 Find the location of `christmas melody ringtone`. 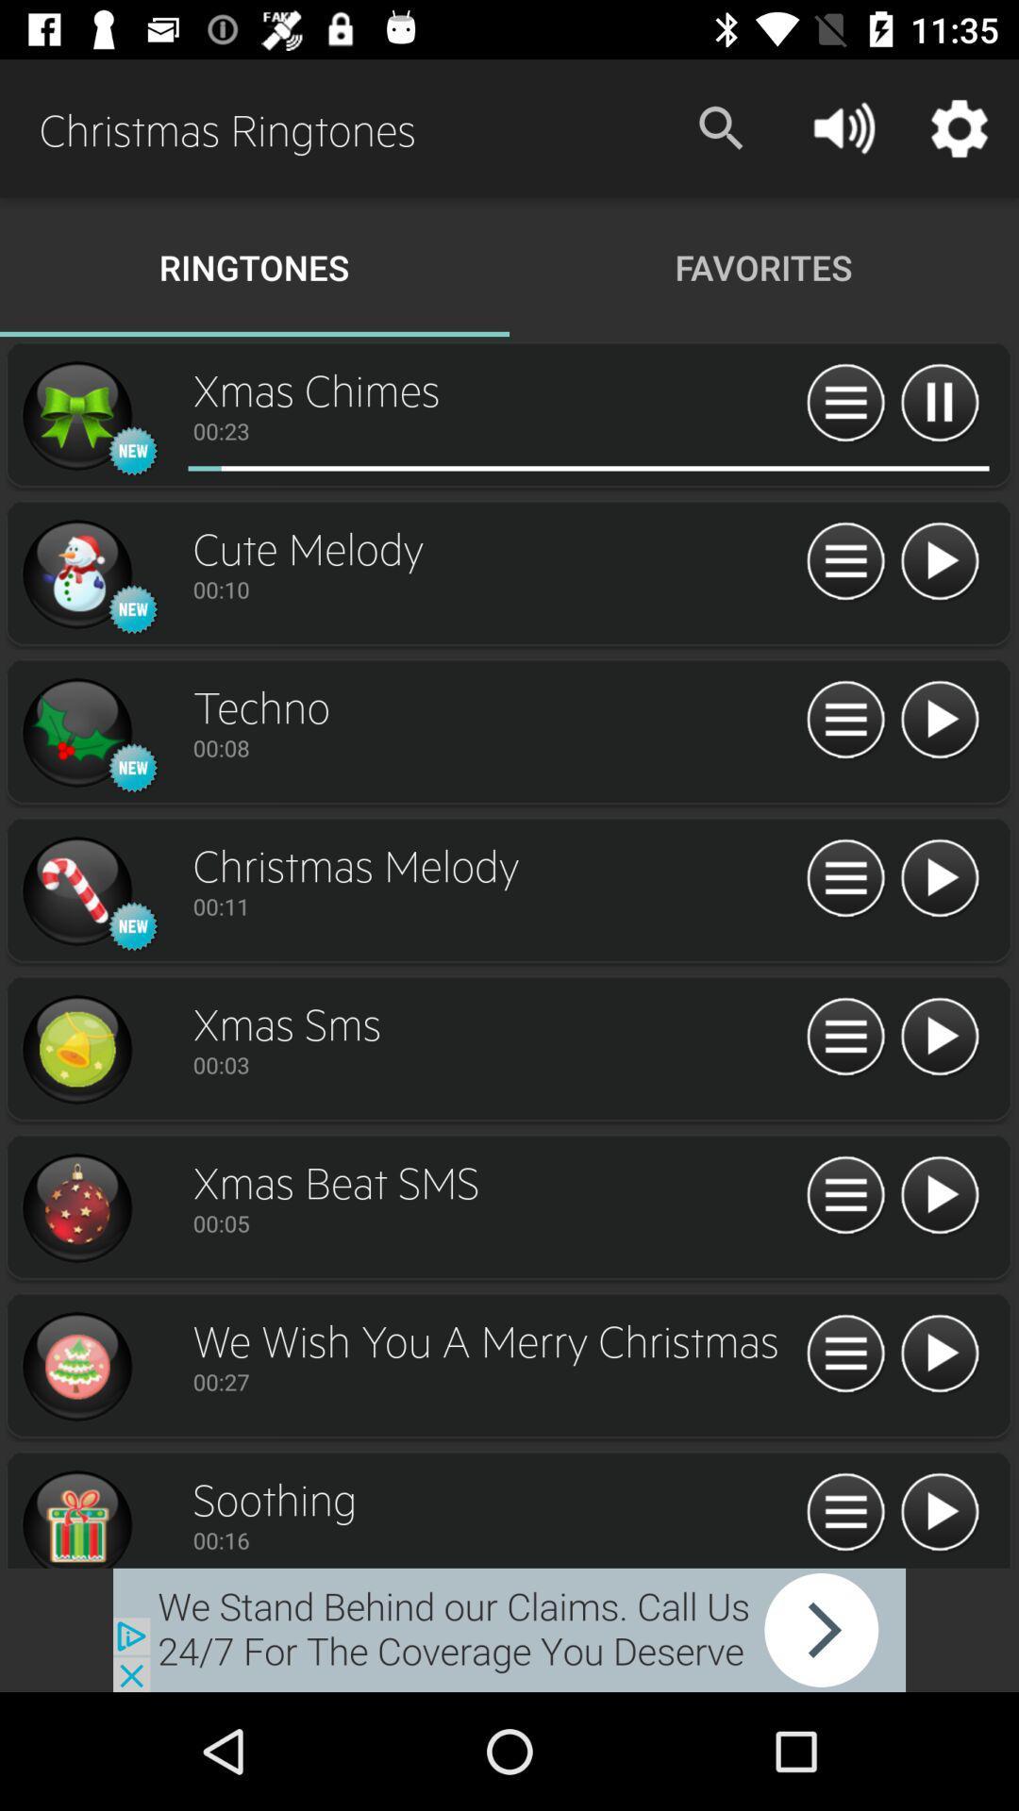

christmas melody ringtone is located at coordinates (939, 878).